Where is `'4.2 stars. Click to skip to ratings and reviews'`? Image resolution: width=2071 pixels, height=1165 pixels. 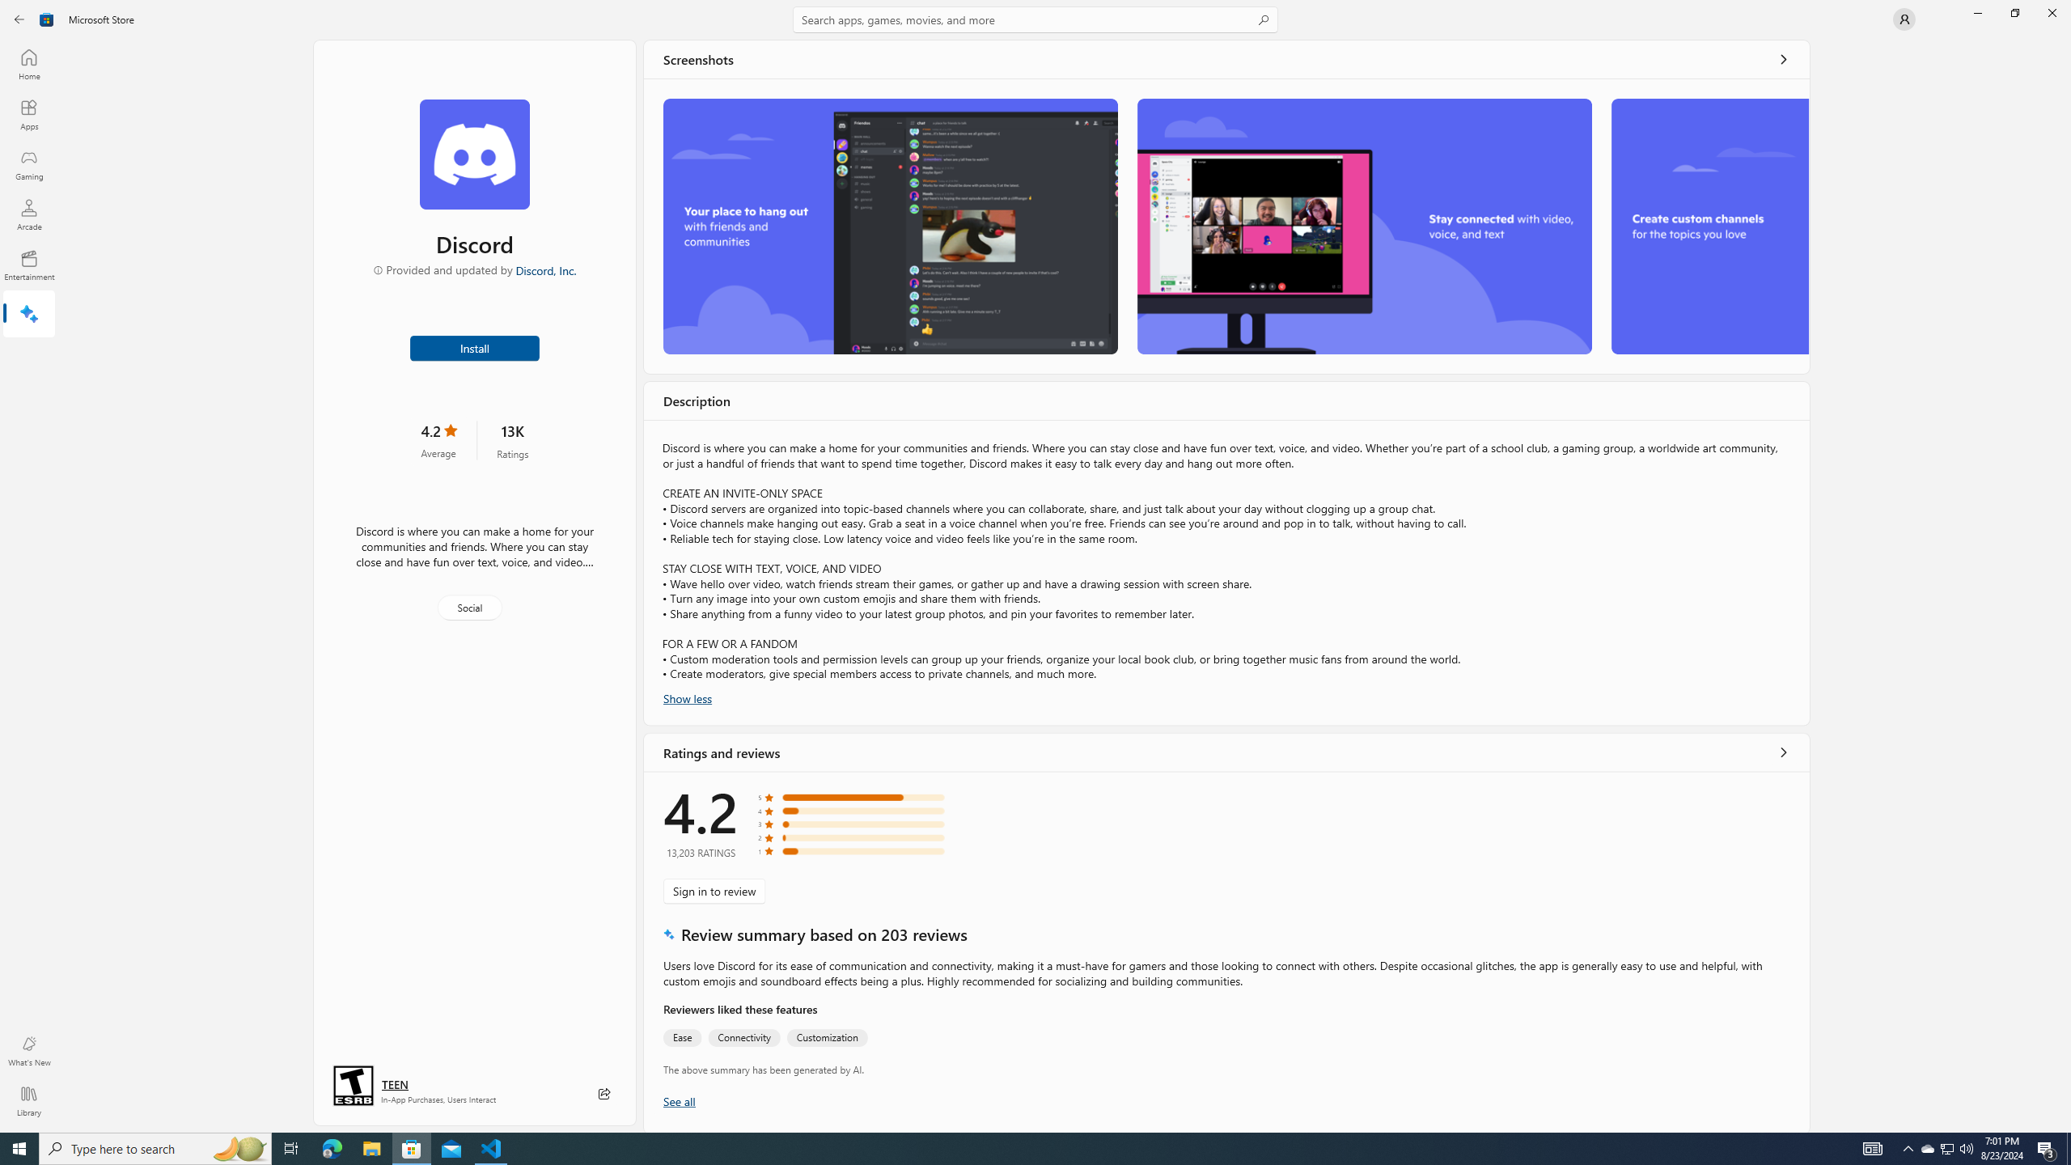
'4.2 stars. Click to skip to ratings and reviews' is located at coordinates (438, 439).